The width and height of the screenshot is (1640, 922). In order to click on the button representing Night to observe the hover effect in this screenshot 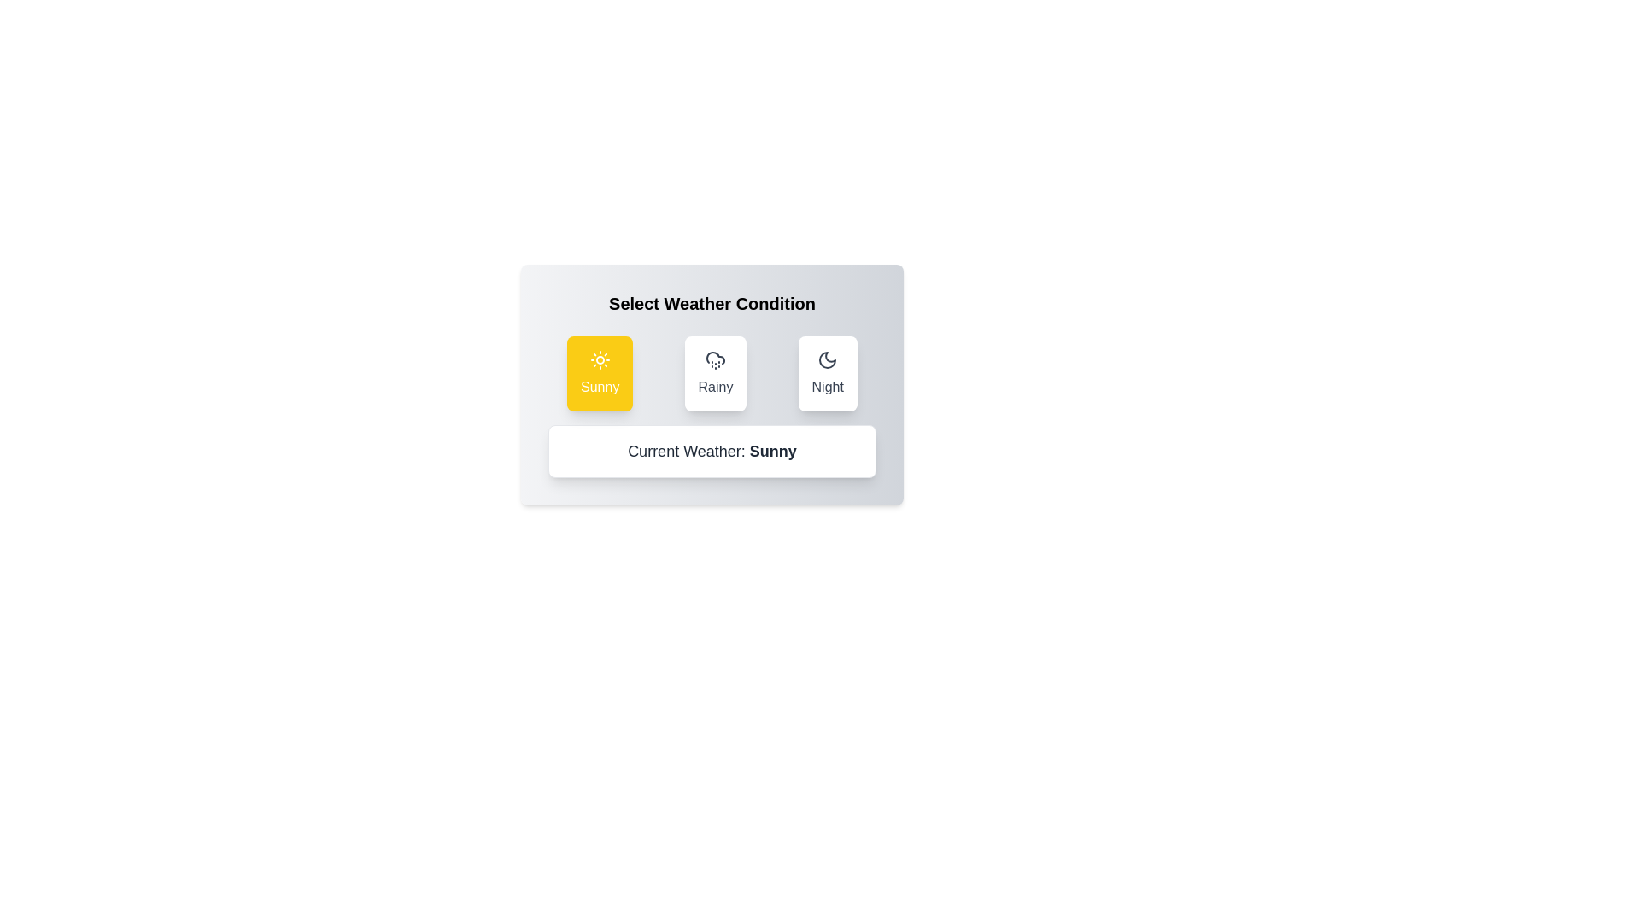, I will do `click(828, 373)`.